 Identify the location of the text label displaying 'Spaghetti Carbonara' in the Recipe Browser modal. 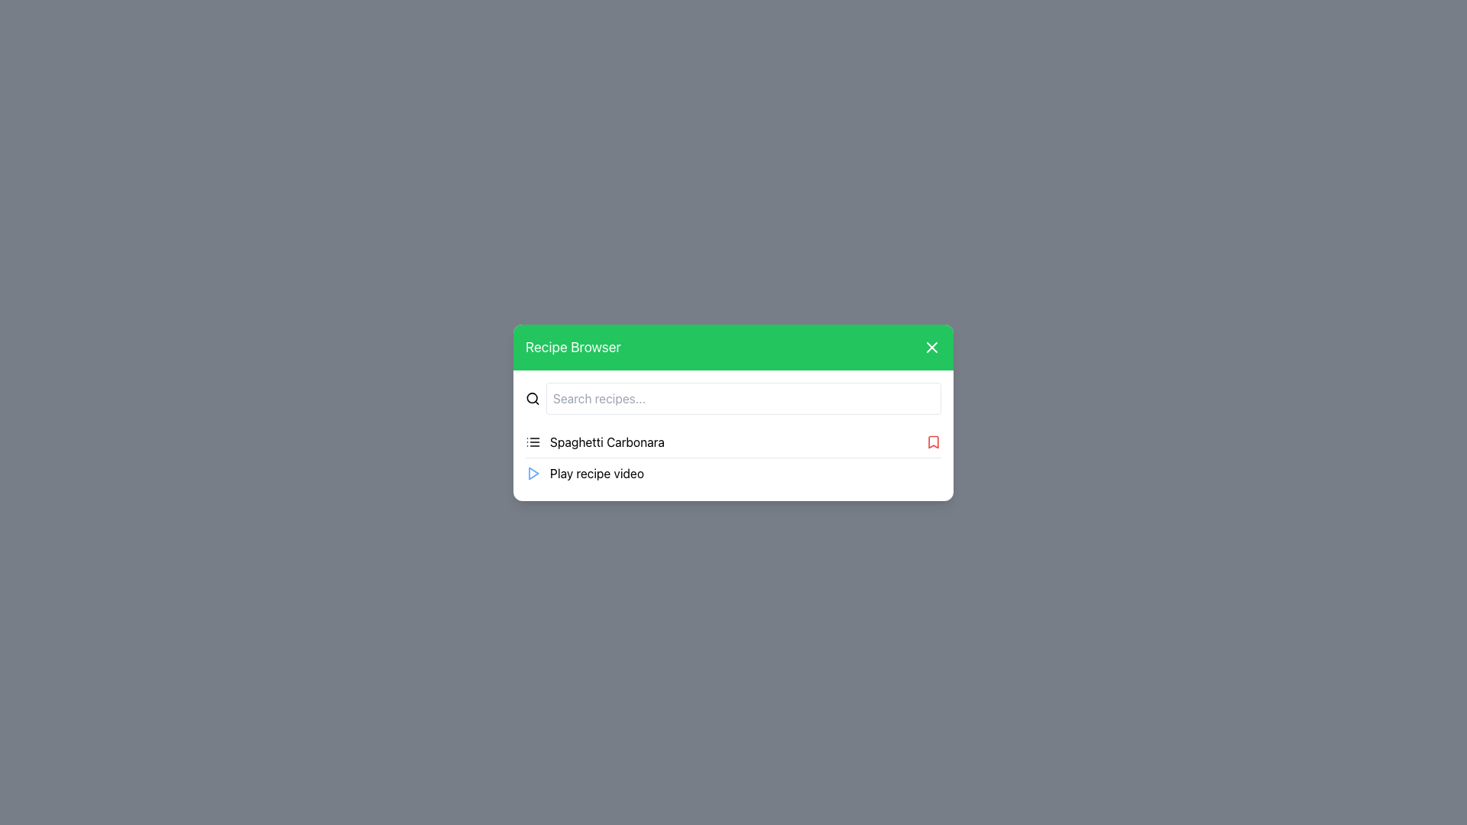
(607, 442).